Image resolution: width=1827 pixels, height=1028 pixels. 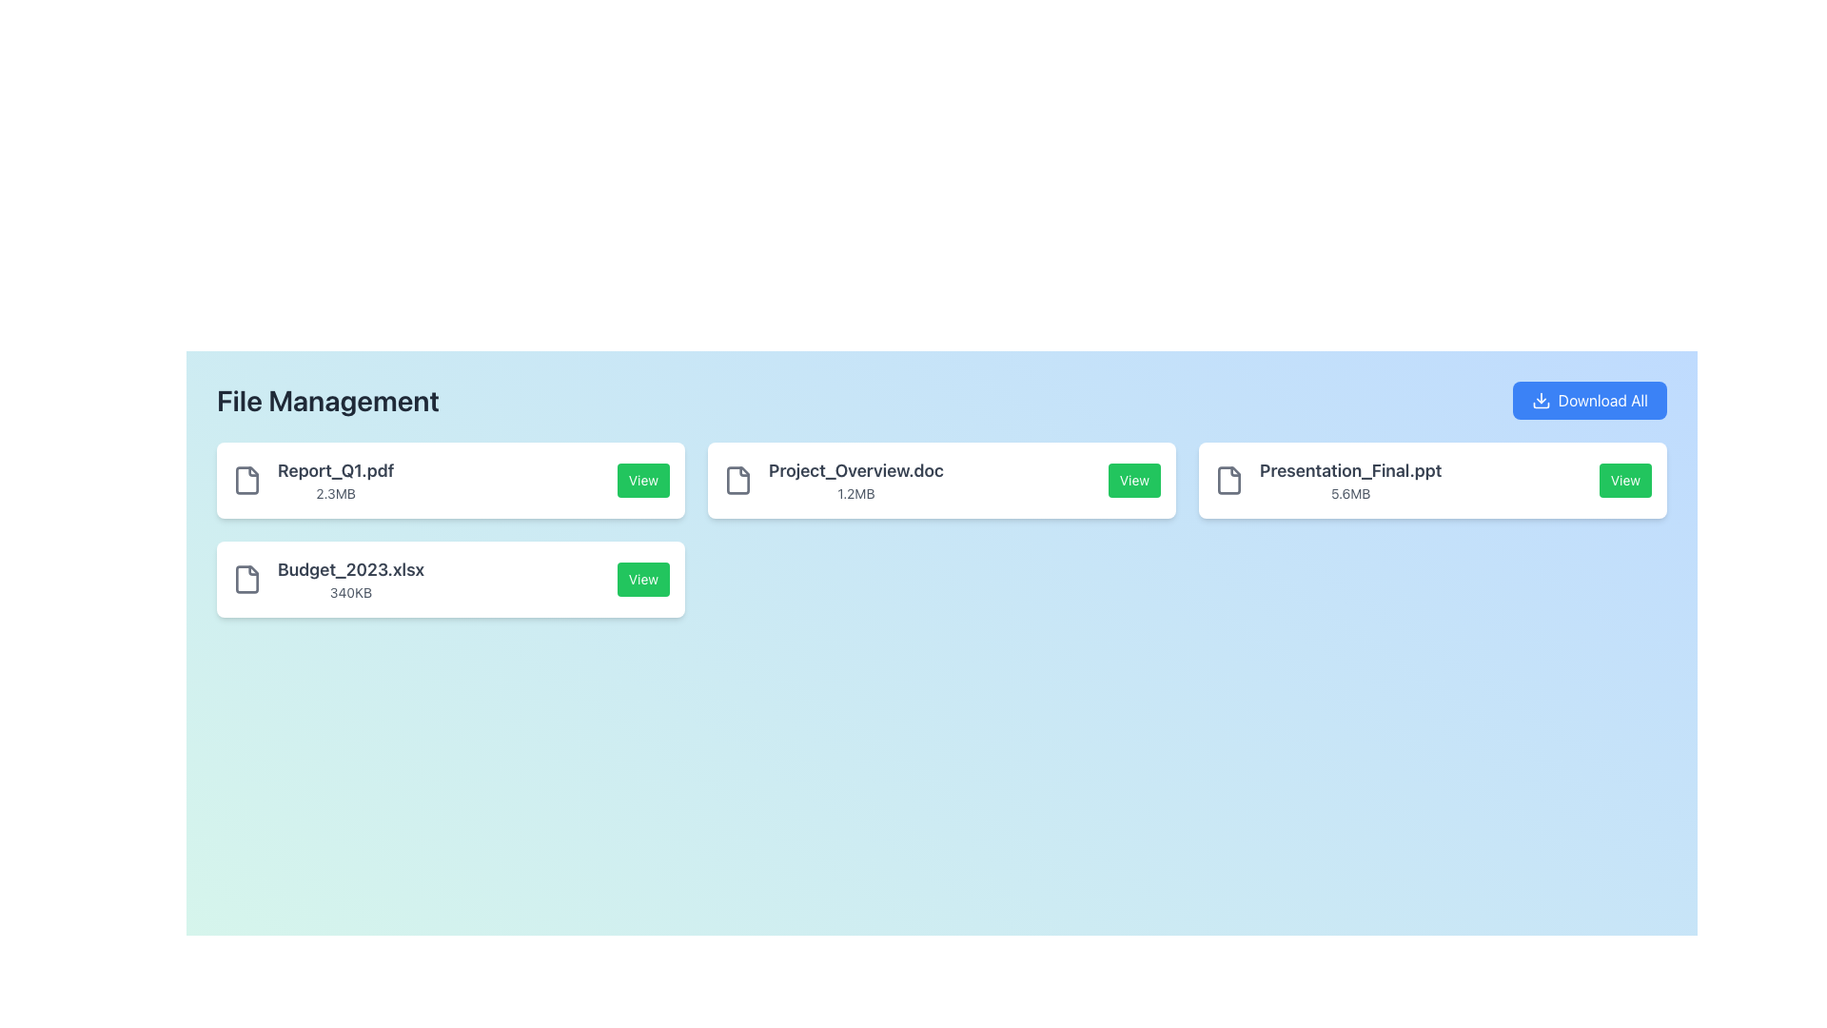 What do you see at coordinates (643, 579) in the screenshot?
I see `the 'View' button with a green background and white text located to the right of 'Budget_2023.xlsx 340KB' in the file management list interface` at bounding box center [643, 579].